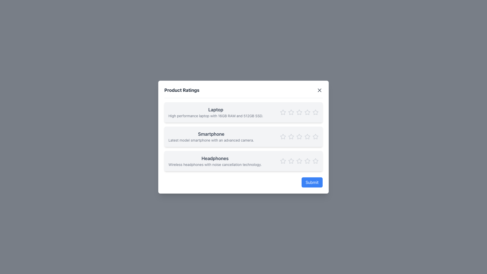 The width and height of the screenshot is (487, 274). I want to click on the fifth Rating Star Icon in the Headphones section, so click(299, 161).